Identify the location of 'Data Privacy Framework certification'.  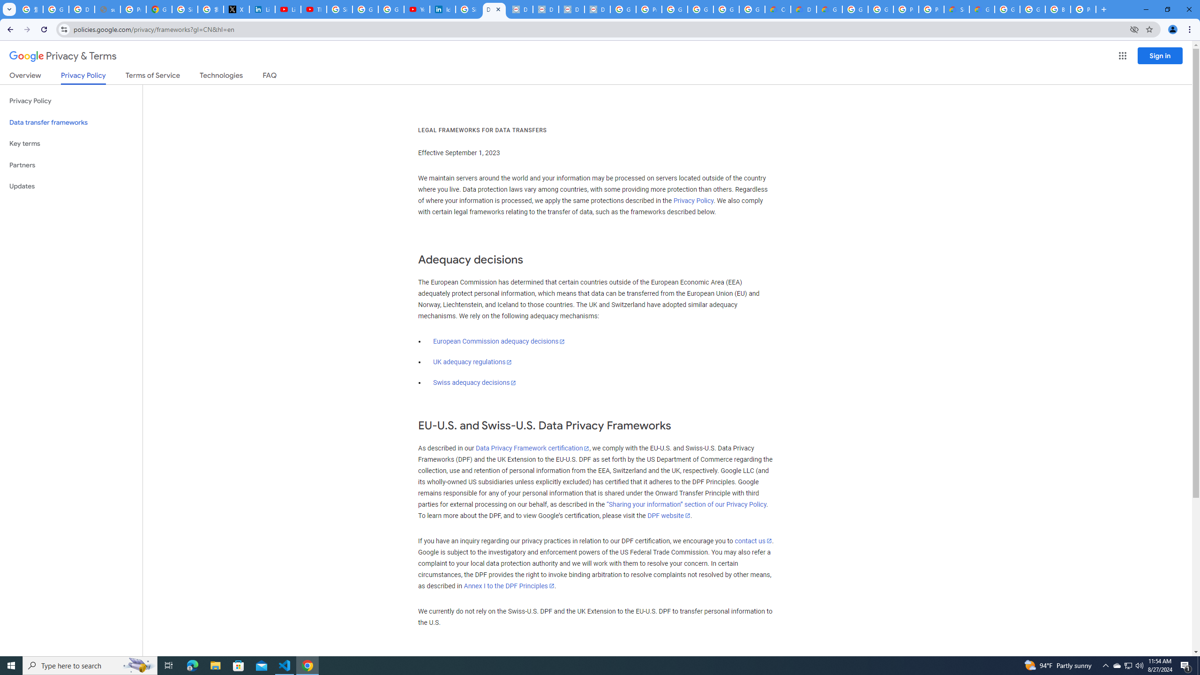
(532, 448).